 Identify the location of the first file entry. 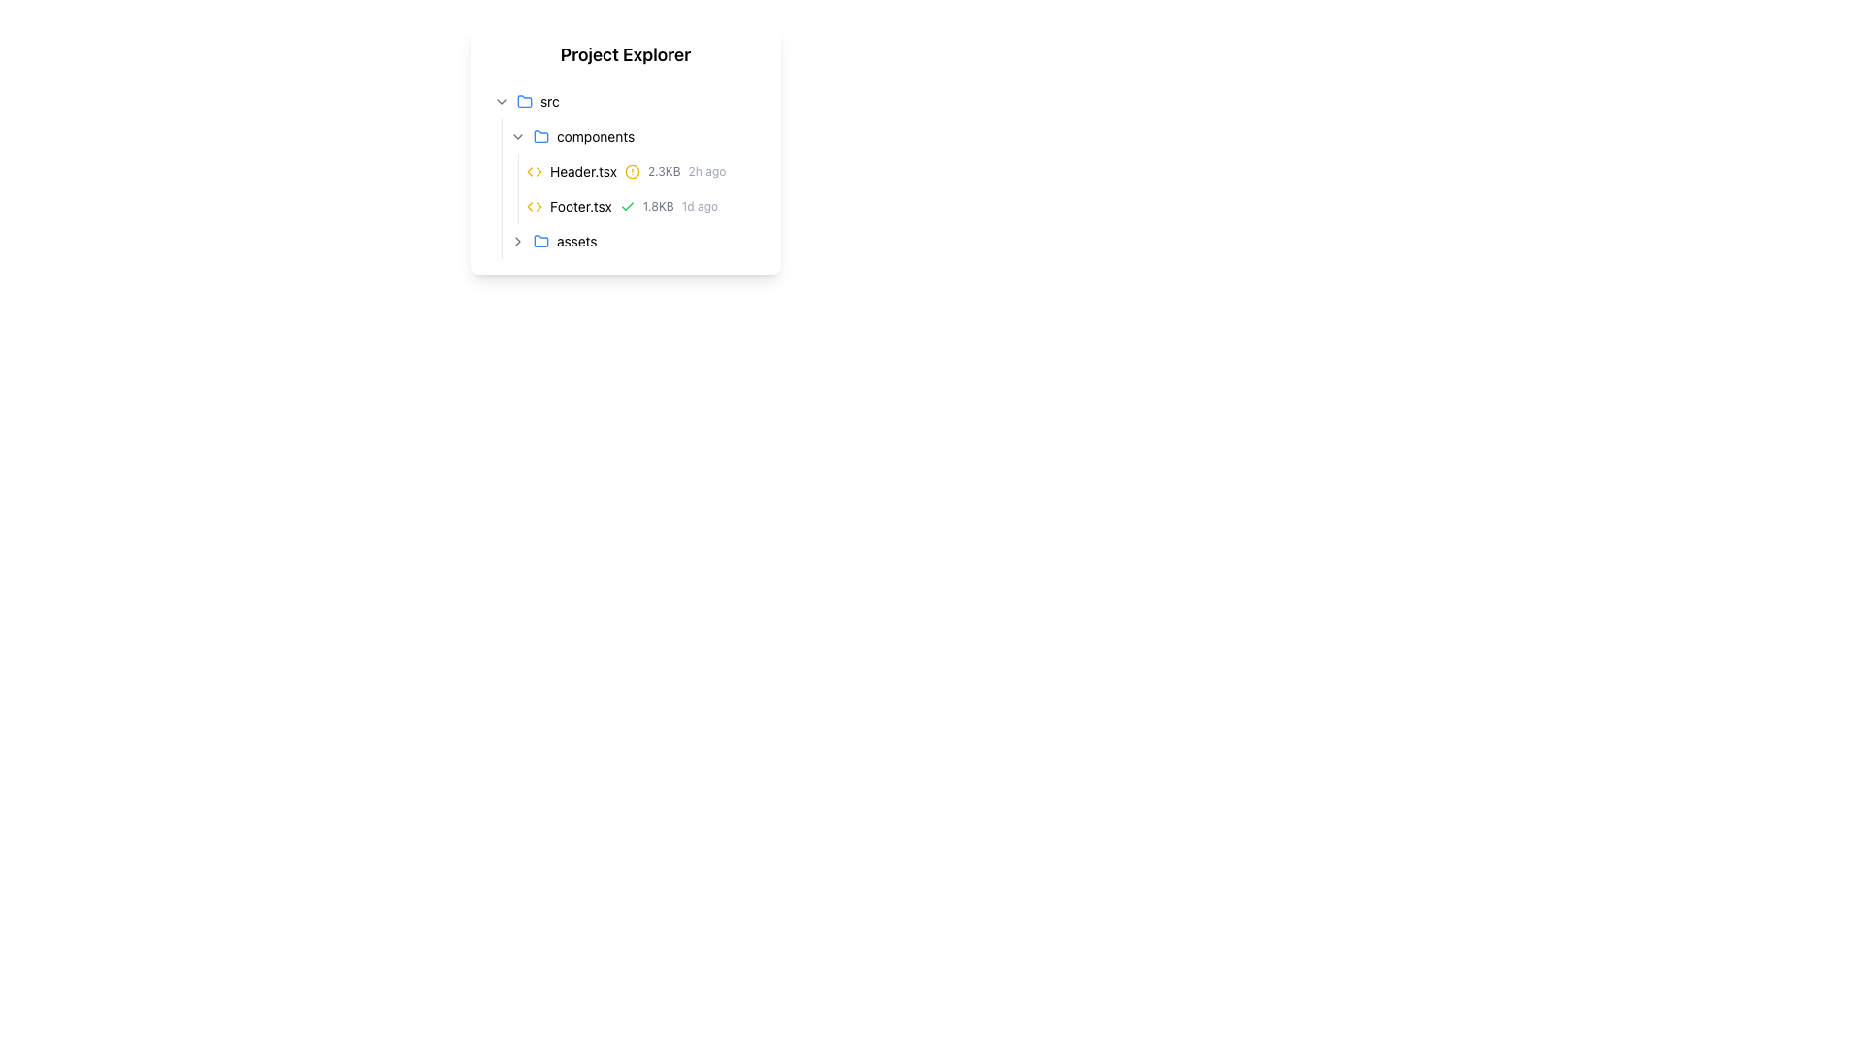
(634, 171).